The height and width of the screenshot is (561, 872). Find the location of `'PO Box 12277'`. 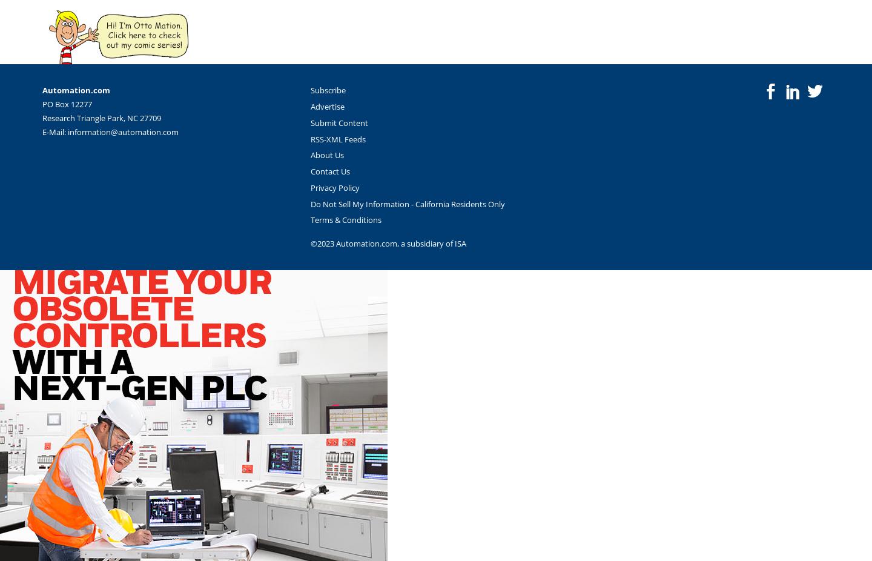

'PO Box 12277' is located at coordinates (67, 103).